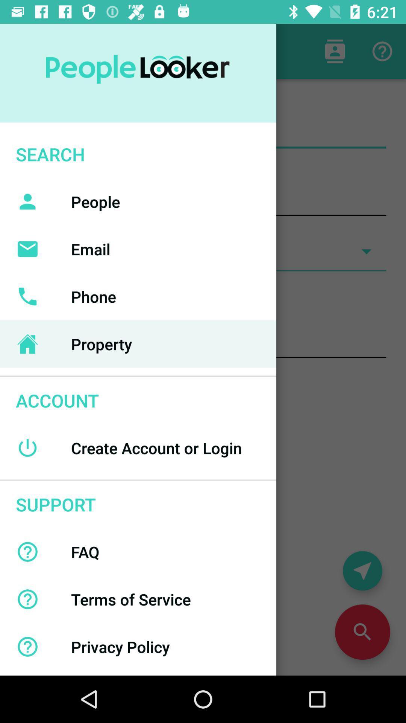 The height and width of the screenshot is (723, 406). Describe the element at coordinates (362, 632) in the screenshot. I see `the search icon` at that location.